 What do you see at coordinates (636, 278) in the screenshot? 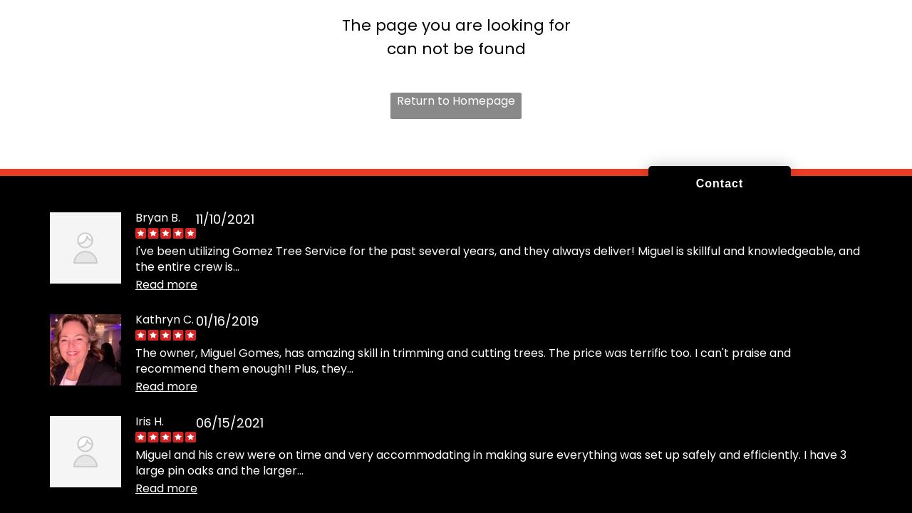
I see `'Thanks for stopping by! We're here to help, please don't hesitate to reach out.'` at bounding box center [636, 278].